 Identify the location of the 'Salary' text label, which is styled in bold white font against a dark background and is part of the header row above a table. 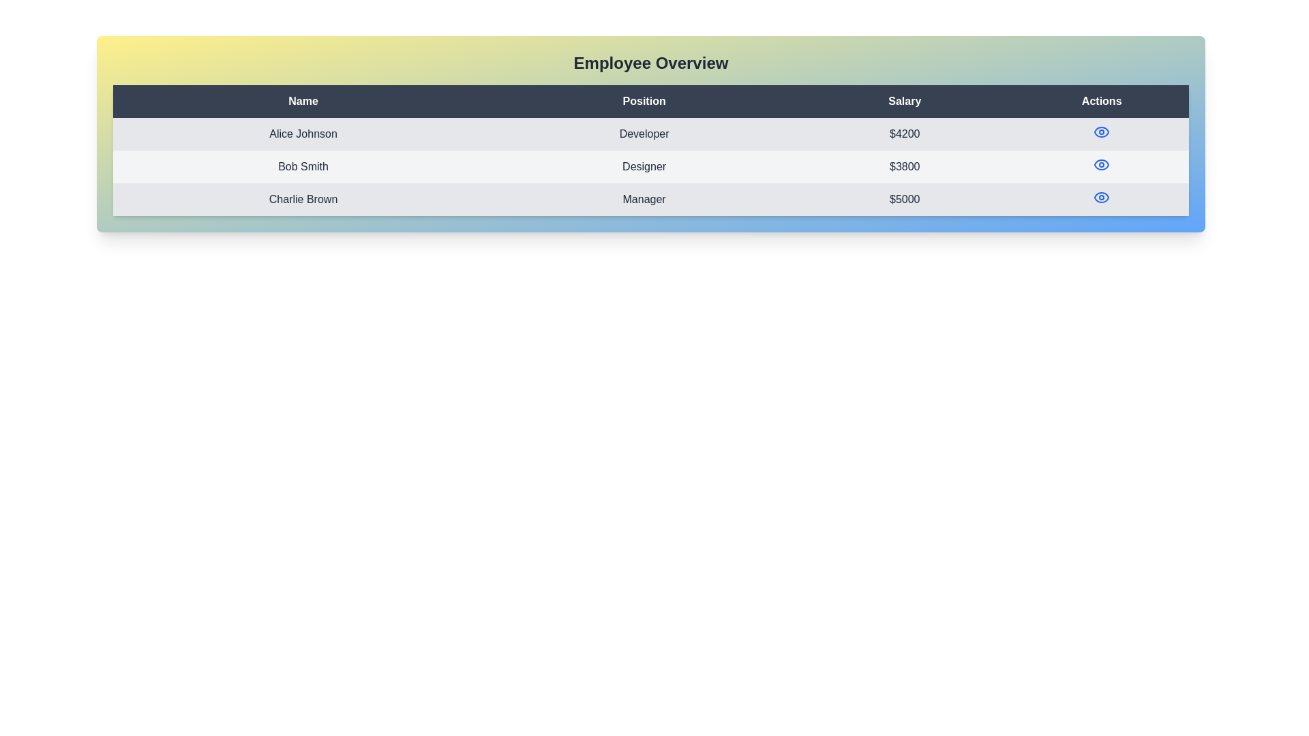
(905, 101).